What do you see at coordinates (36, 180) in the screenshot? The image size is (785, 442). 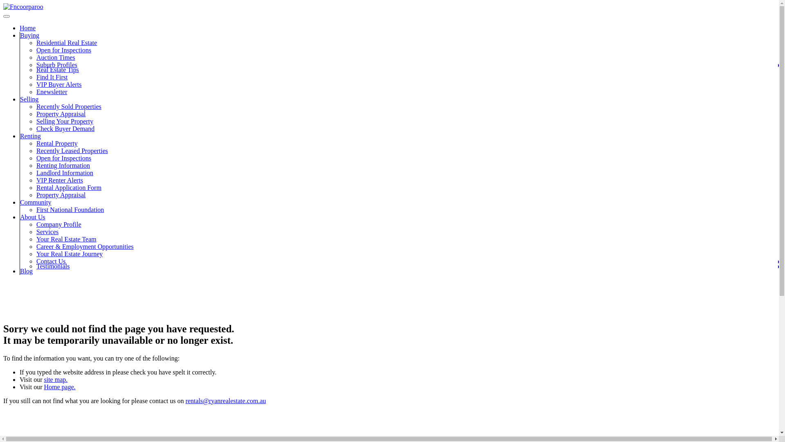 I see `'VIP Renter Alerts'` at bounding box center [36, 180].